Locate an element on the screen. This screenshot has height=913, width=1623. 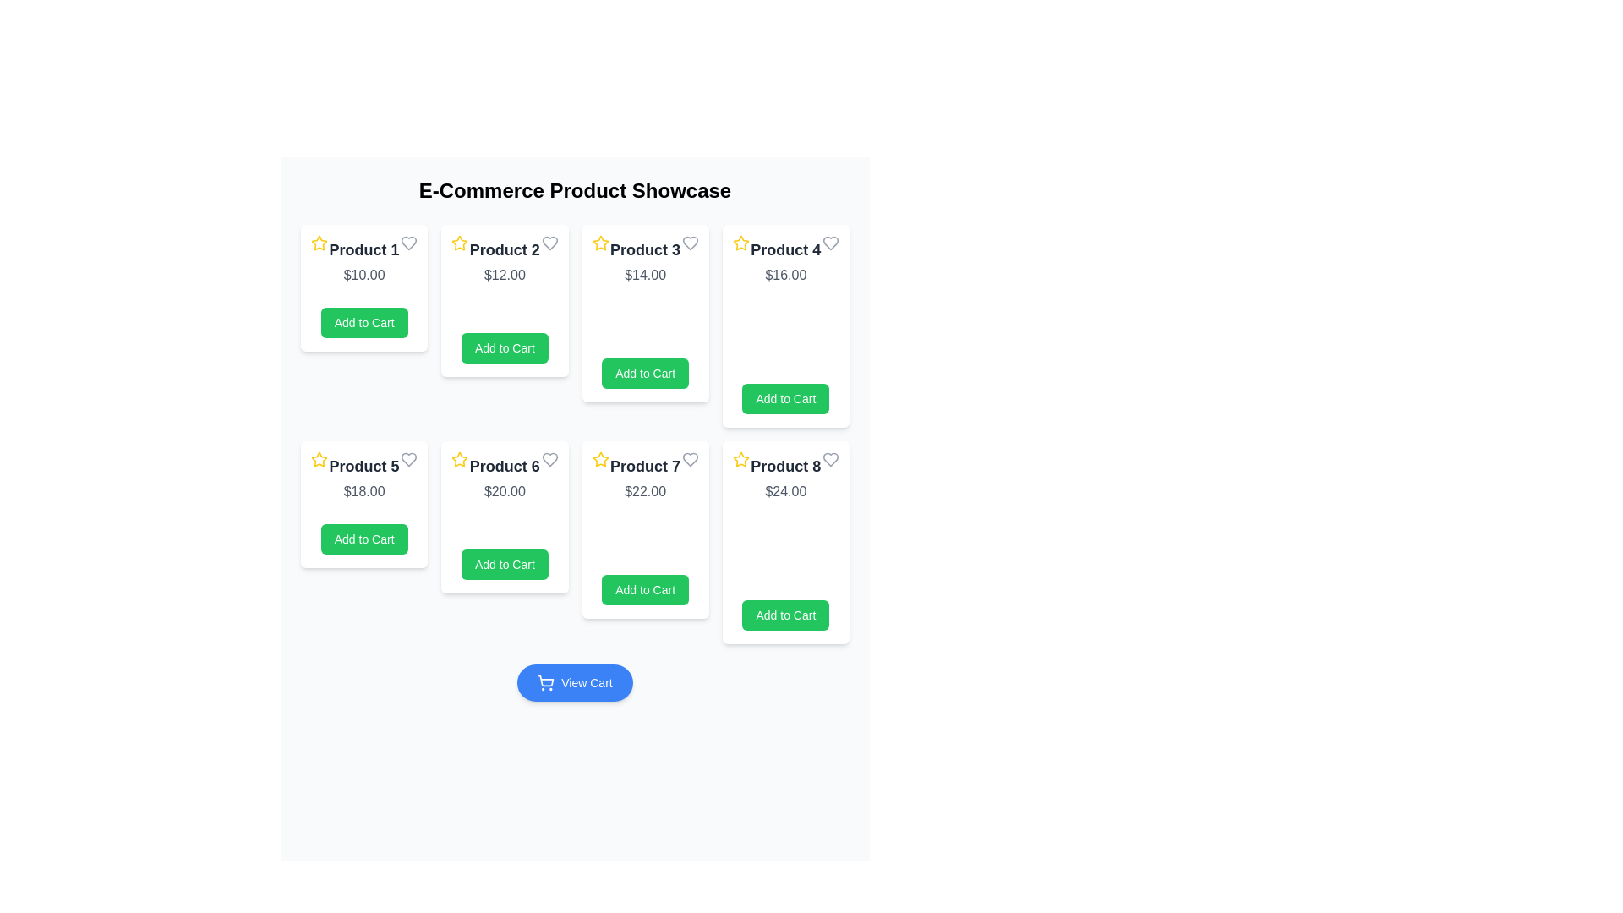
the card containing the product listing for 'Product 7', which has an 'Add to Cart' button at the bottom is located at coordinates (644, 529).